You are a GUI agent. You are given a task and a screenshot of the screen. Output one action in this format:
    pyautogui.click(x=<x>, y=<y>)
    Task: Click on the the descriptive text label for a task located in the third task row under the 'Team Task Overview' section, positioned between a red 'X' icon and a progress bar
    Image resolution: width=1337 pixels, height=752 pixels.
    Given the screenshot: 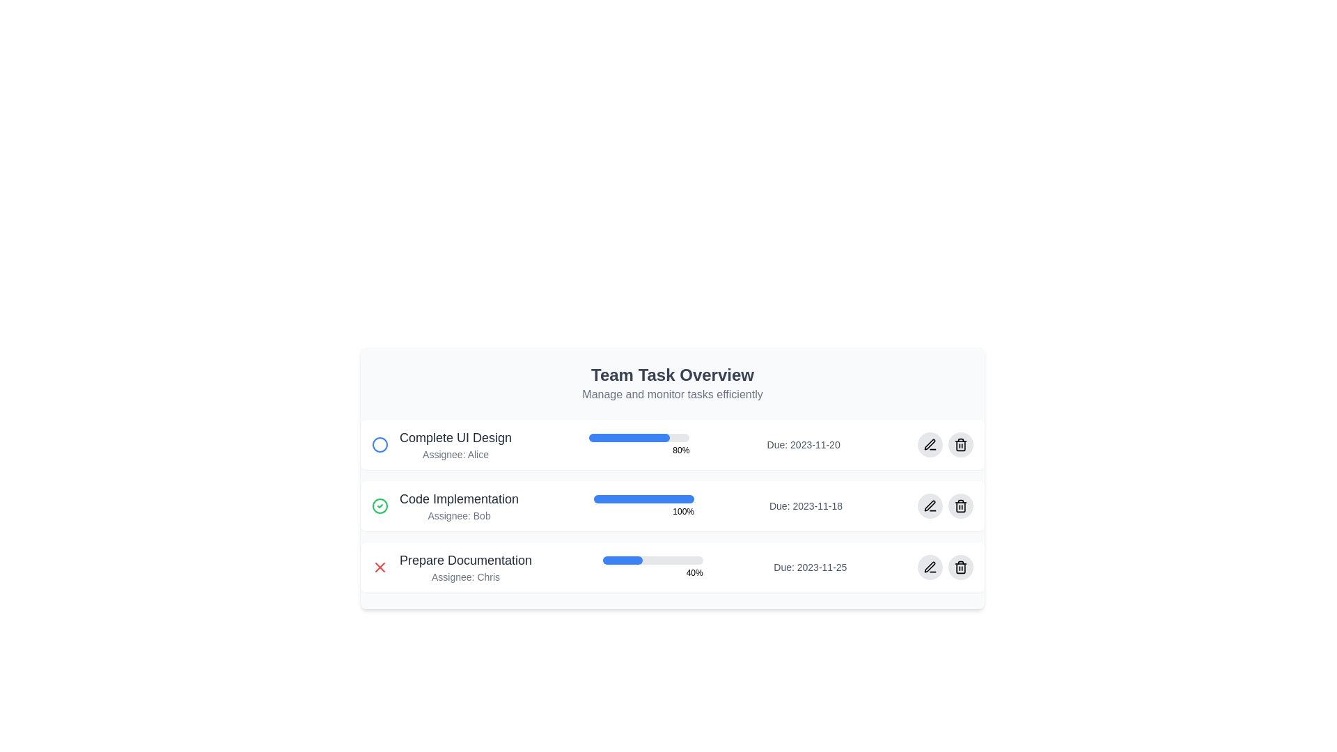 What is the action you would take?
    pyautogui.click(x=466, y=567)
    